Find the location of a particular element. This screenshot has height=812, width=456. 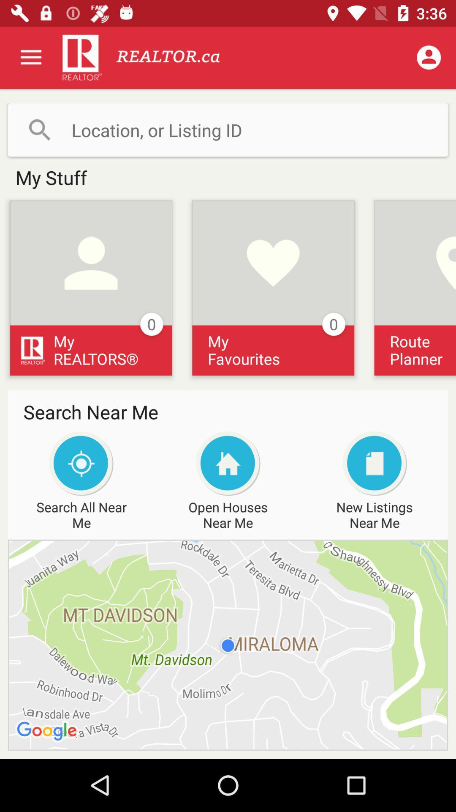

put location is located at coordinates (228, 129).